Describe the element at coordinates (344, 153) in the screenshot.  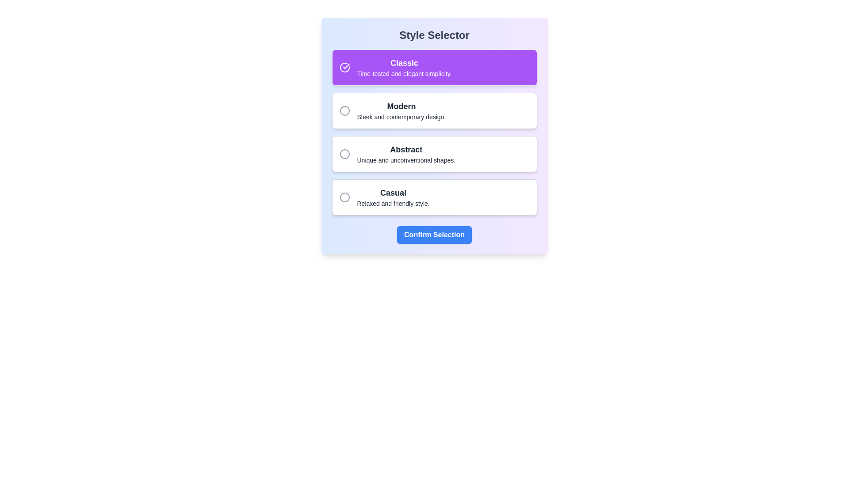
I see `the RadioButton for the 'Abstract' style option, which is located in the top-left corner of the 'Abstract' section, above the text 'Unique and unconventional shapes.'` at that location.